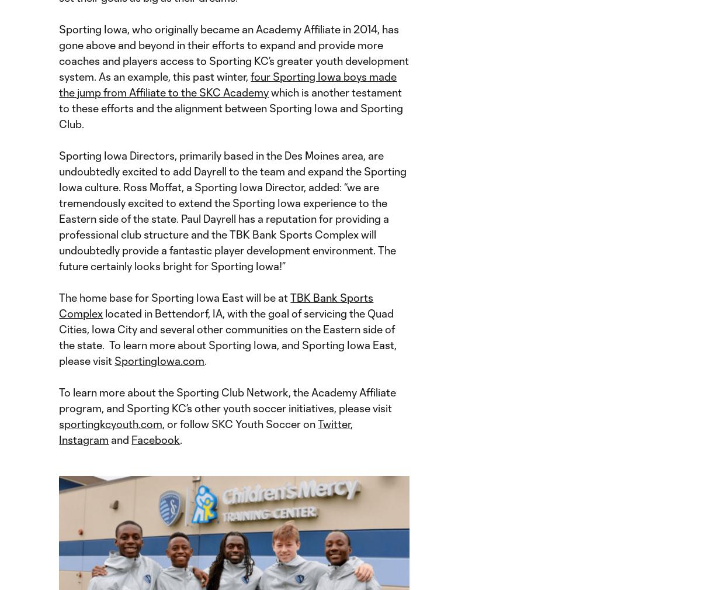 This screenshot has height=590, width=701. What do you see at coordinates (84, 440) in the screenshot?
I see `'Instagram'` at bounding box center [84, 440].